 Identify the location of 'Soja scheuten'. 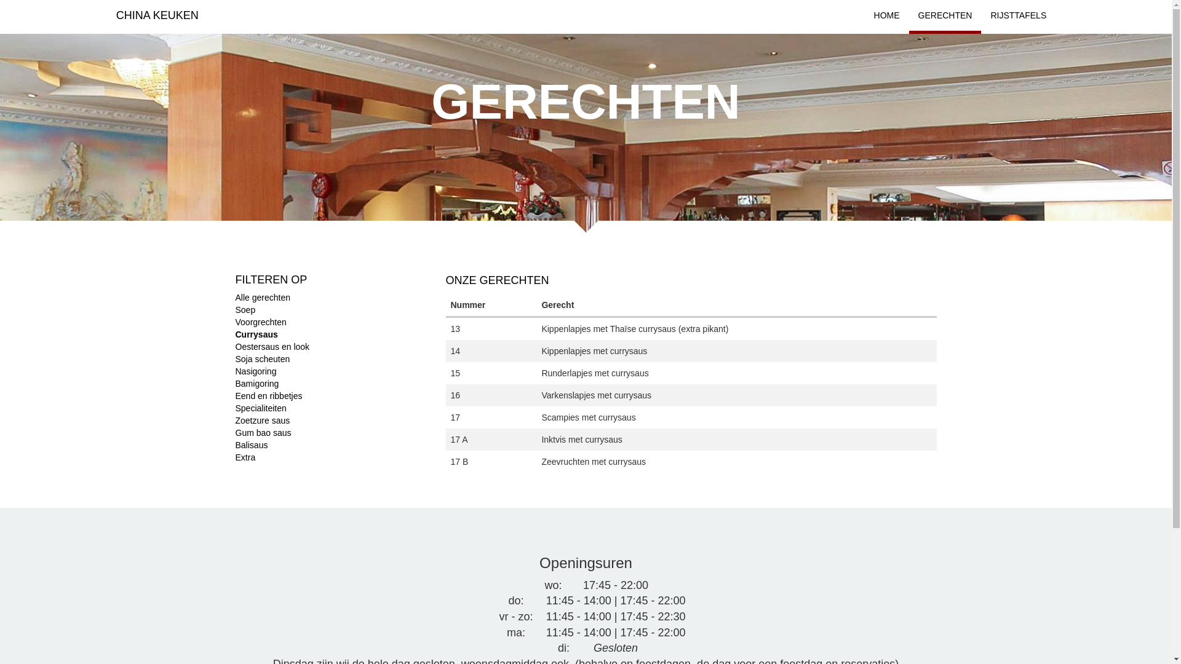
(261, 358).